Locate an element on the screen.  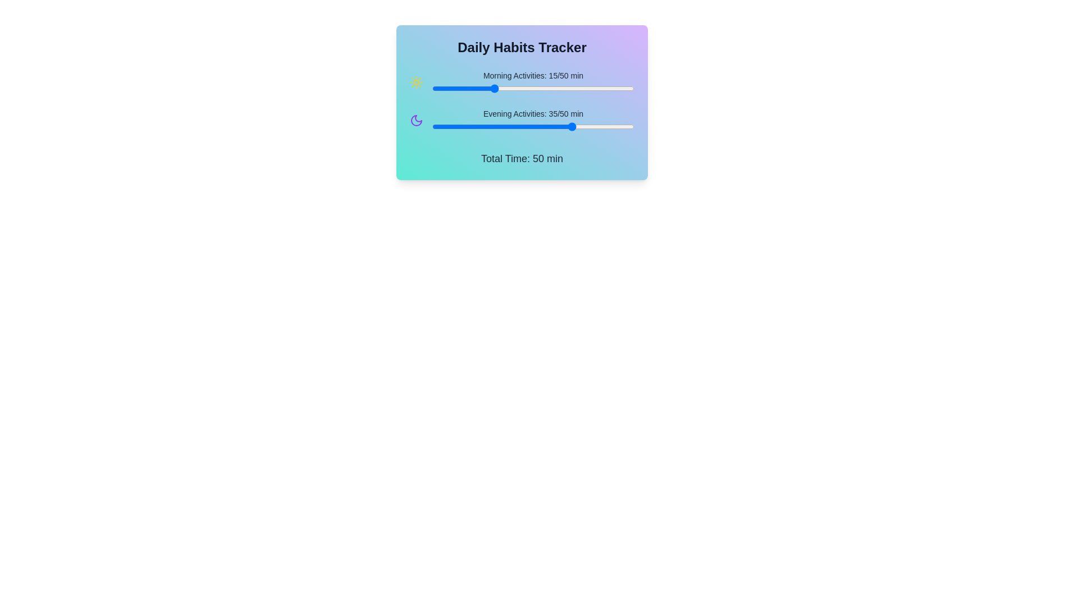
the decorative crescent moon icon with a purple outline, located to the left of the text 'Evening Activities: 35/50 min' is located at coordinates (416, 121).